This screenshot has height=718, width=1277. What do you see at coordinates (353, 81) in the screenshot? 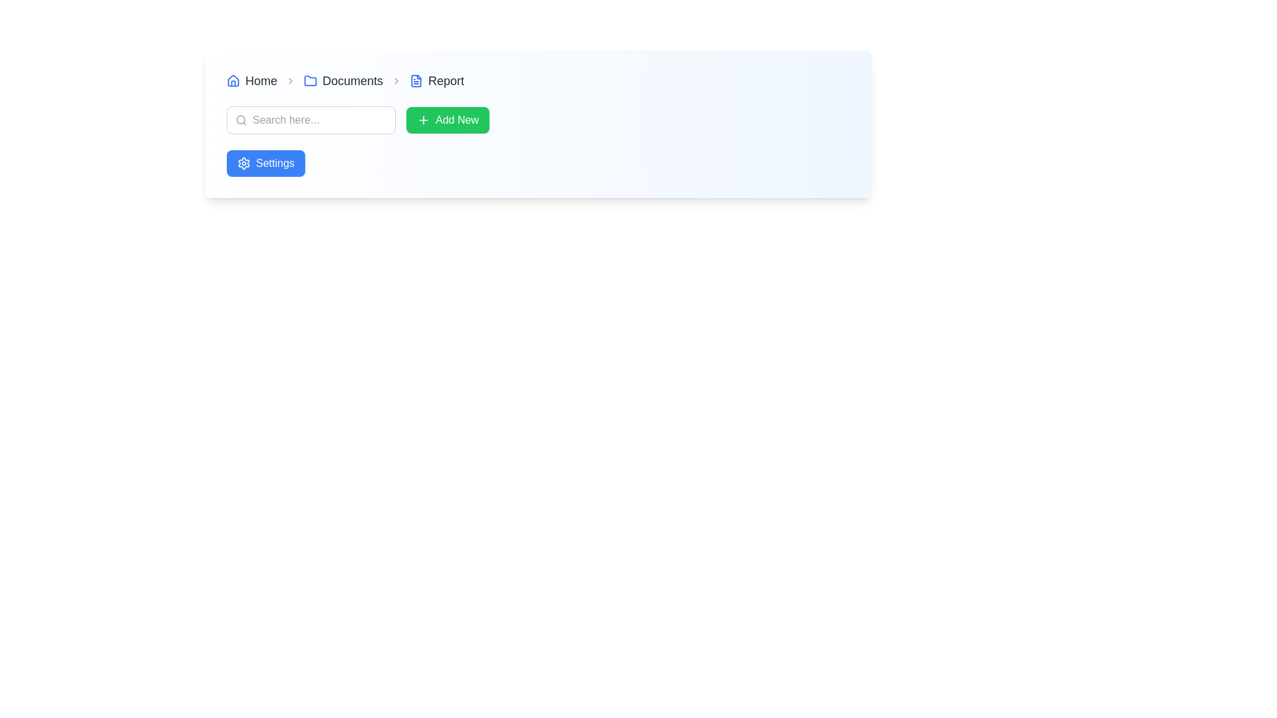
I see `the 'Documents' text label in the breadcrumb navigation trail, which is positioned between the 'Home' and 'Report' elements` at bounding box center [353, 81].